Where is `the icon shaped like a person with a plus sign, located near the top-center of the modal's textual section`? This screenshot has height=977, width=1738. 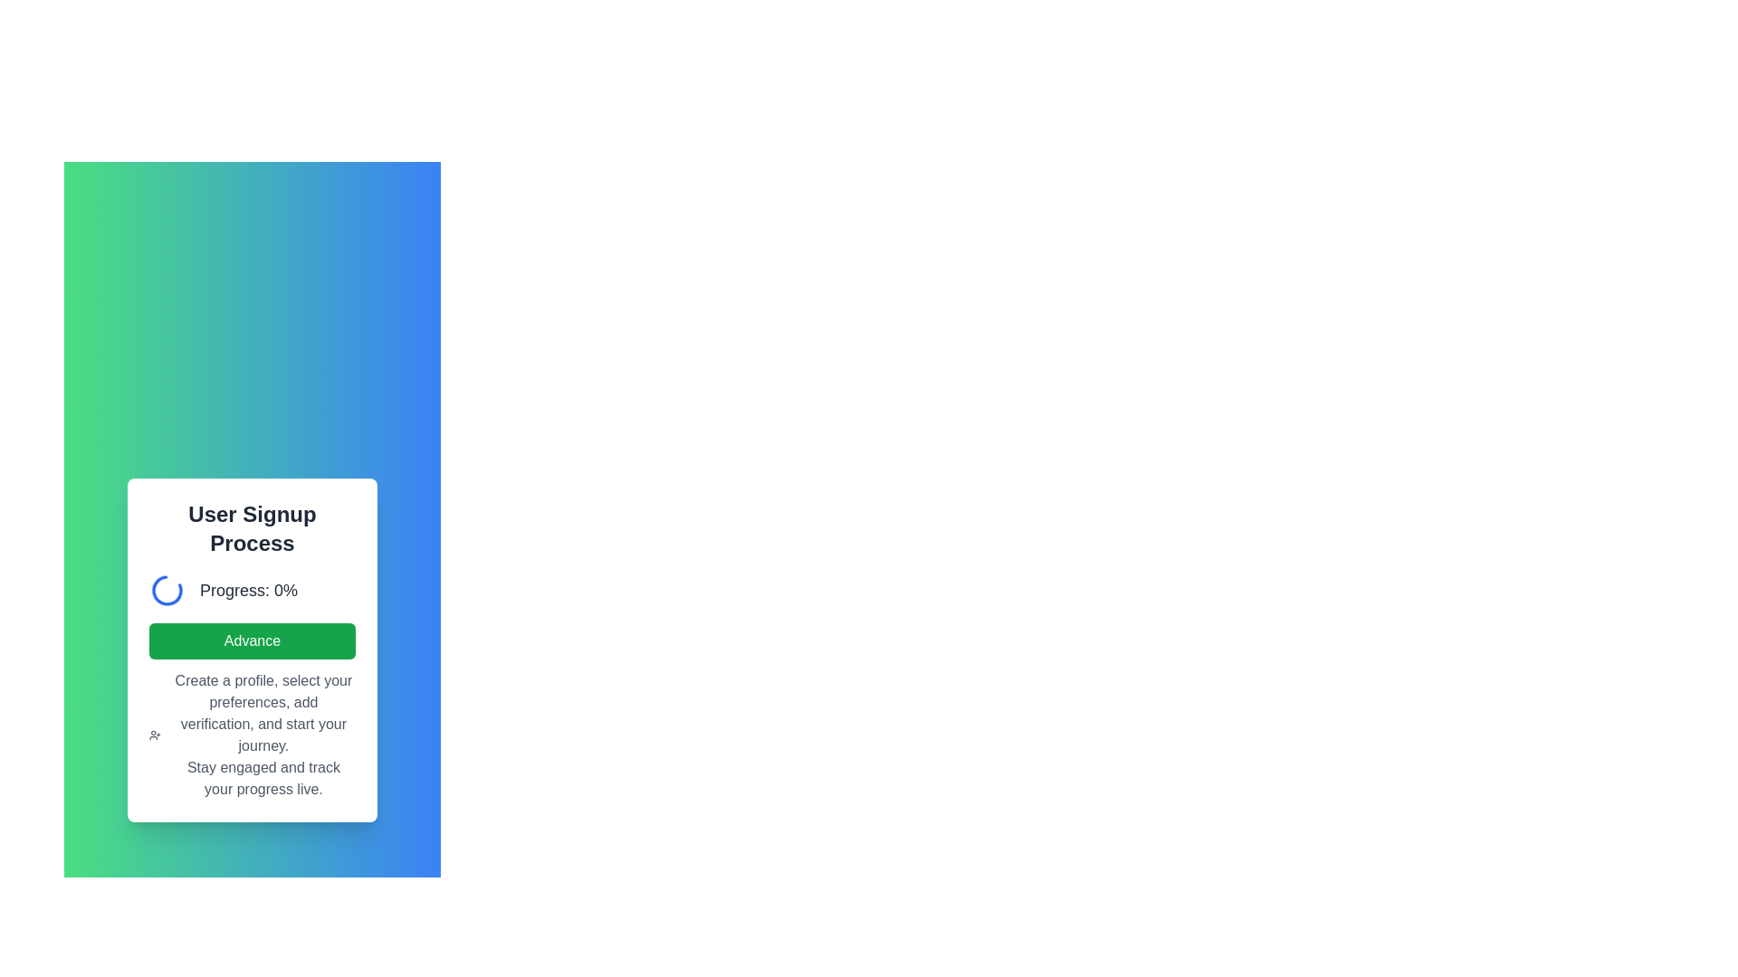
the icon shaped like a person with a plus sign, located near the top-center of the modal's textual section is located at coordinates (155, 735).